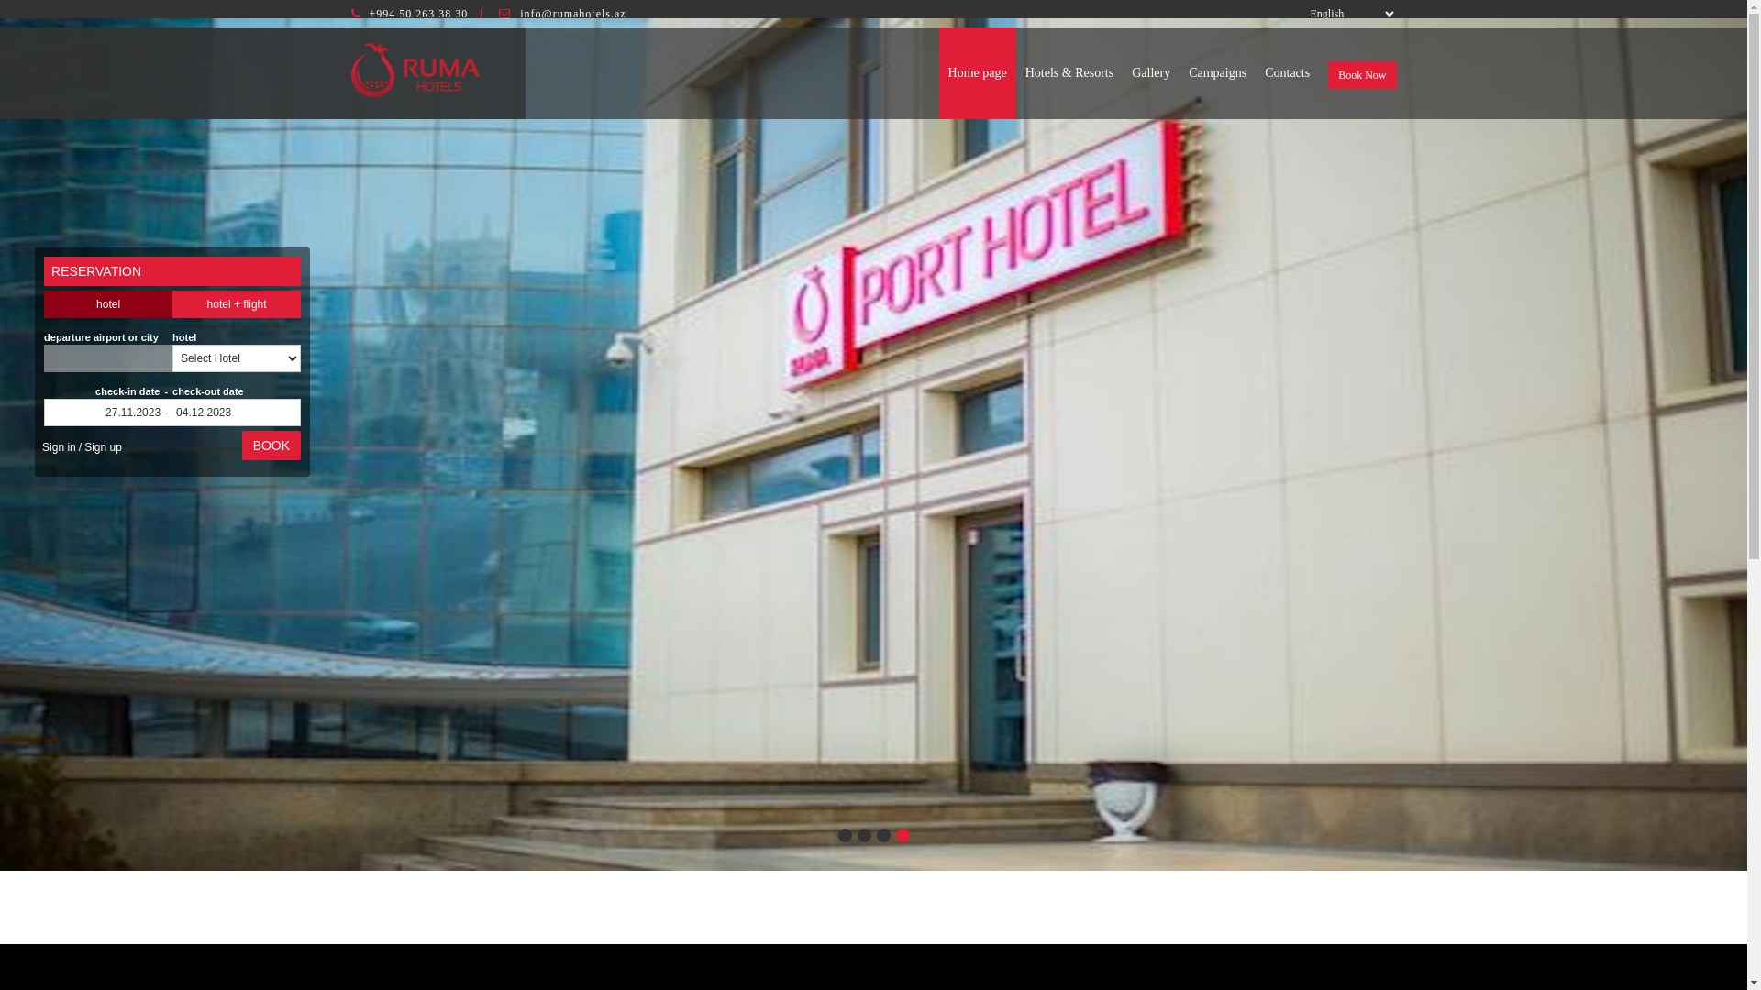  What do you see at coordinates (271, 445) in the screenshot?
I see `'BOOK'` at bounding box center [271, 445].